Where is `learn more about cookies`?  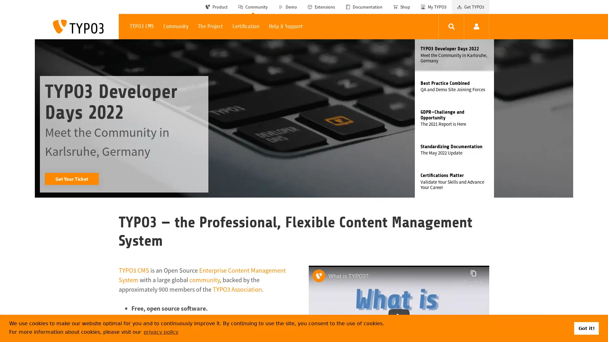 learn more about cookies is located at coordinates (161, 332).